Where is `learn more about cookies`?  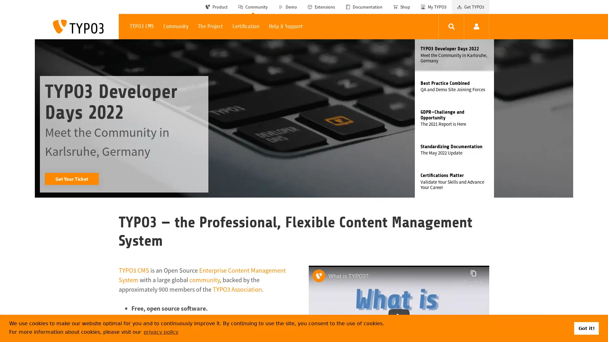 learn more about cookies is located at coordinates (161, 332).